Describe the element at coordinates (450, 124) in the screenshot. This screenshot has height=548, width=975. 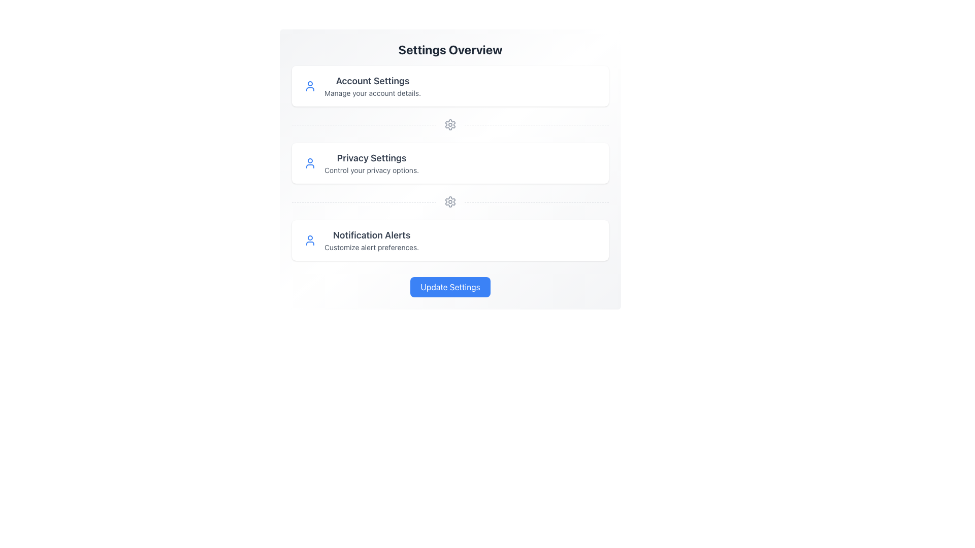
I see `the gear icon located at the center of the separator between the 'Account Settings' and 'Privacy Settings' sections` at that location.